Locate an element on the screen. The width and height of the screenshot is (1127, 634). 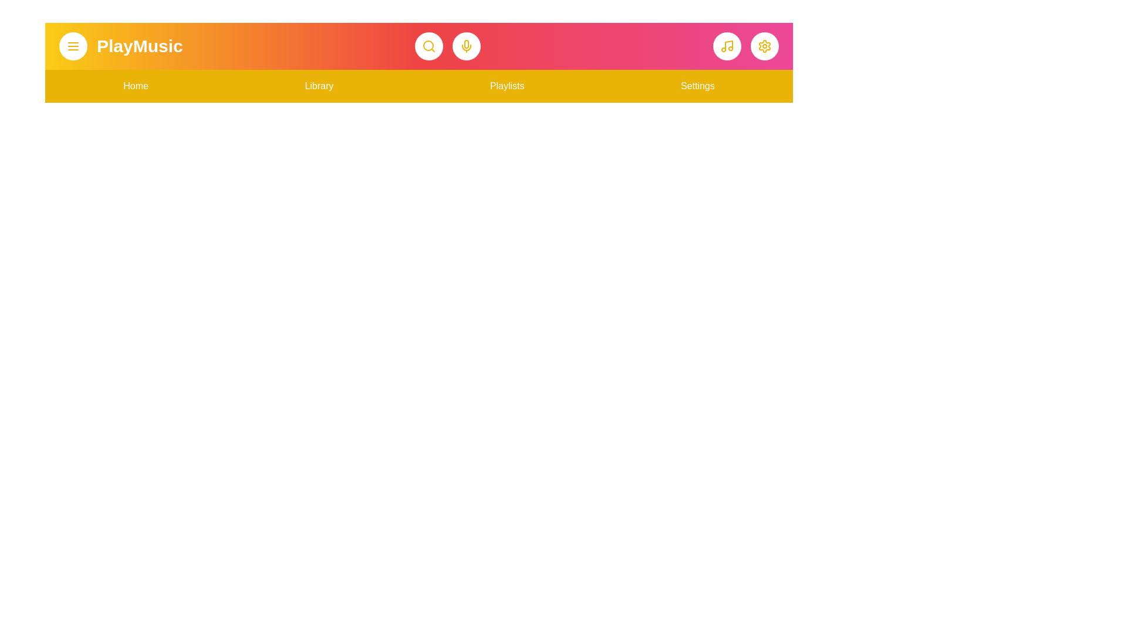
the menu item to navigate to Home is located at coordinates (136, 85).